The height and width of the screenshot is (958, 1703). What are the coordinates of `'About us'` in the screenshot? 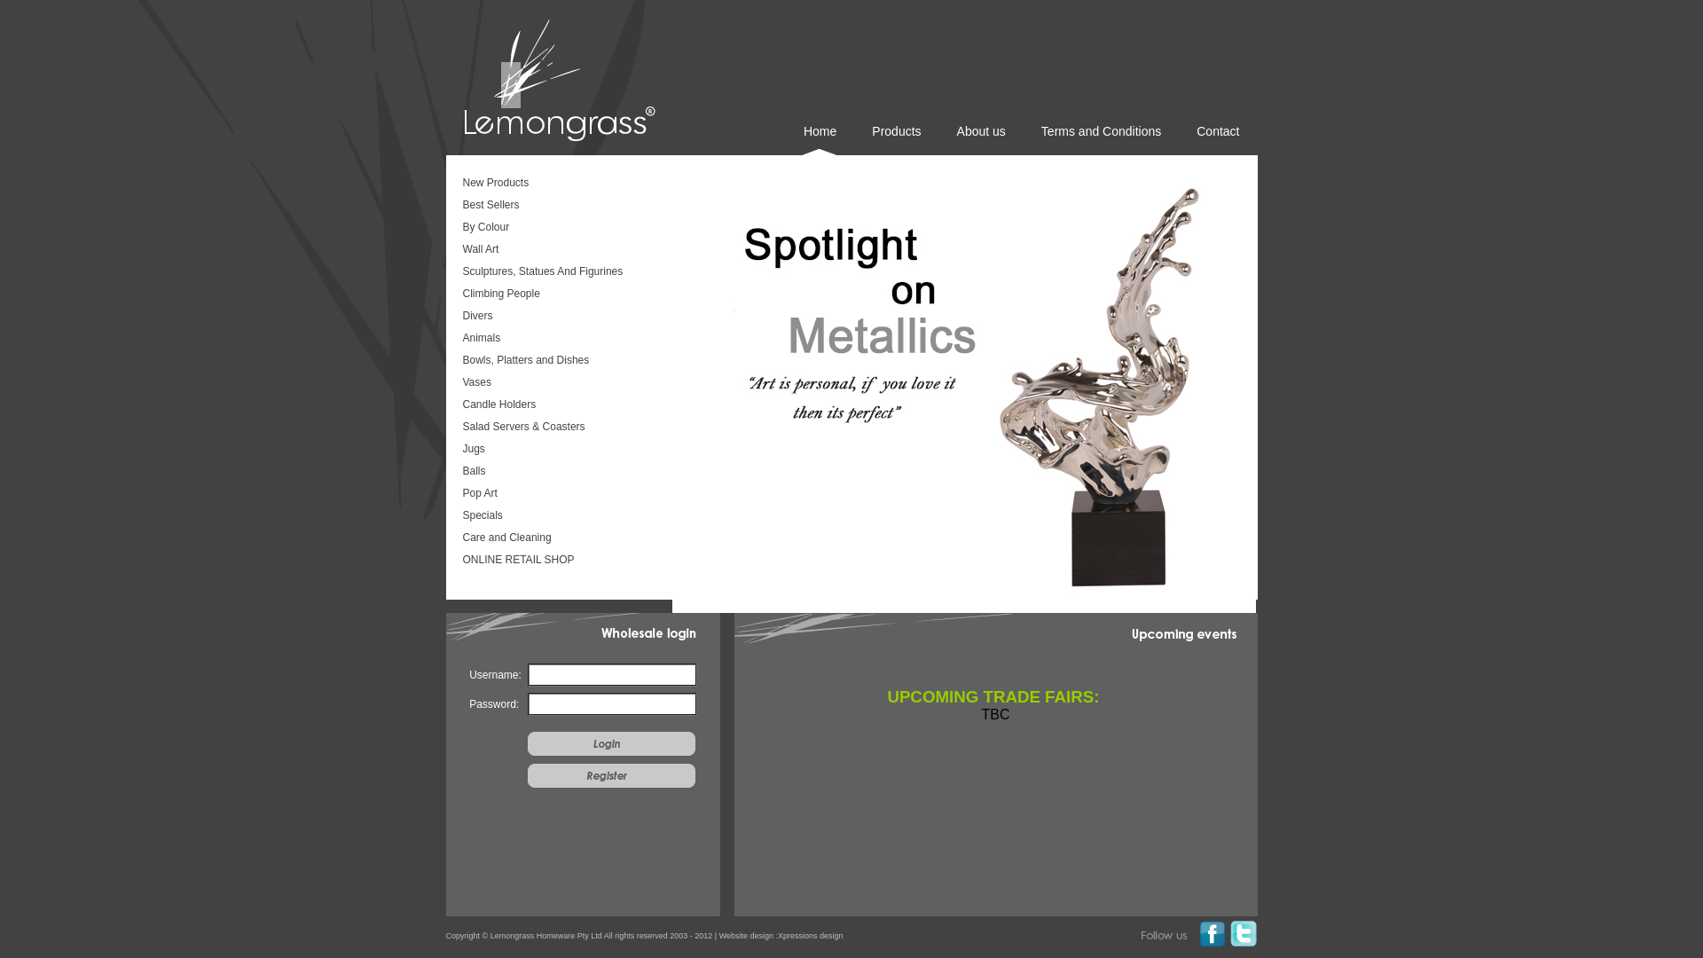 It's located at (980, 138).